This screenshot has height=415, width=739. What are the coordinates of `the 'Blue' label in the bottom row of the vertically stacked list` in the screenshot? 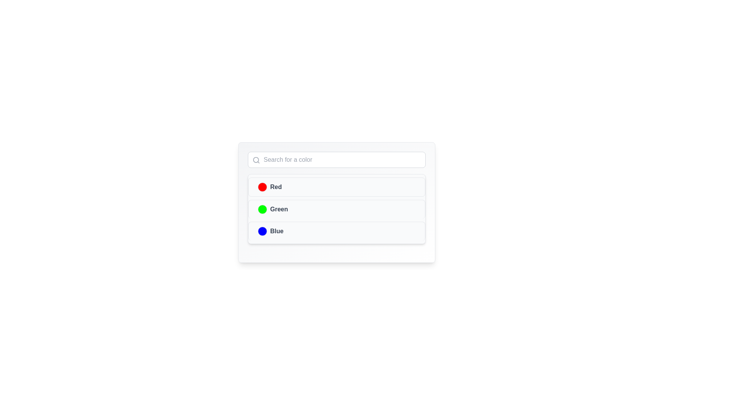 It's located at (271, 231).